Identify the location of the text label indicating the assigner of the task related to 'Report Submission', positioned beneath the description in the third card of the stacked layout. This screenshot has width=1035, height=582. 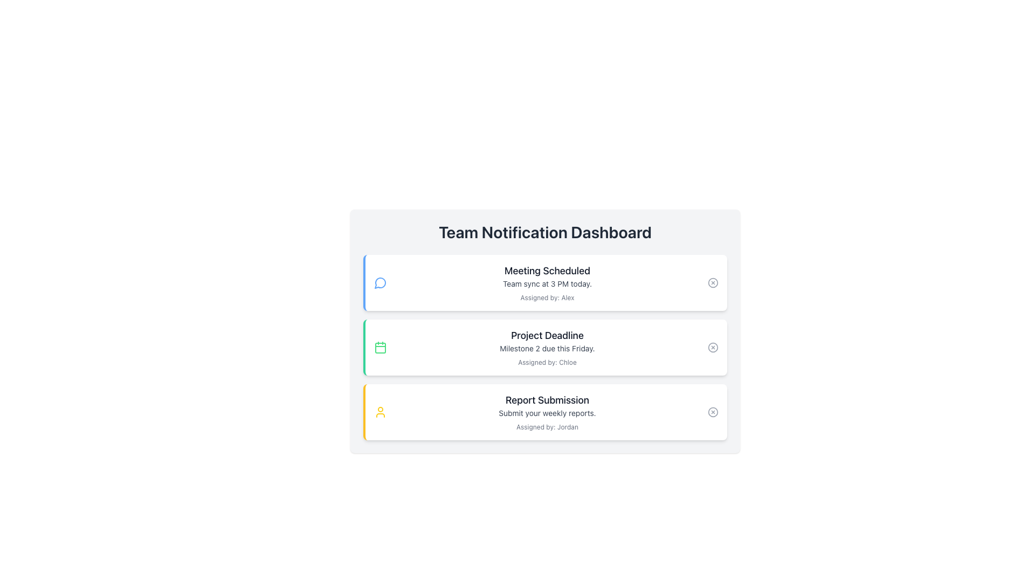
(547, 427).